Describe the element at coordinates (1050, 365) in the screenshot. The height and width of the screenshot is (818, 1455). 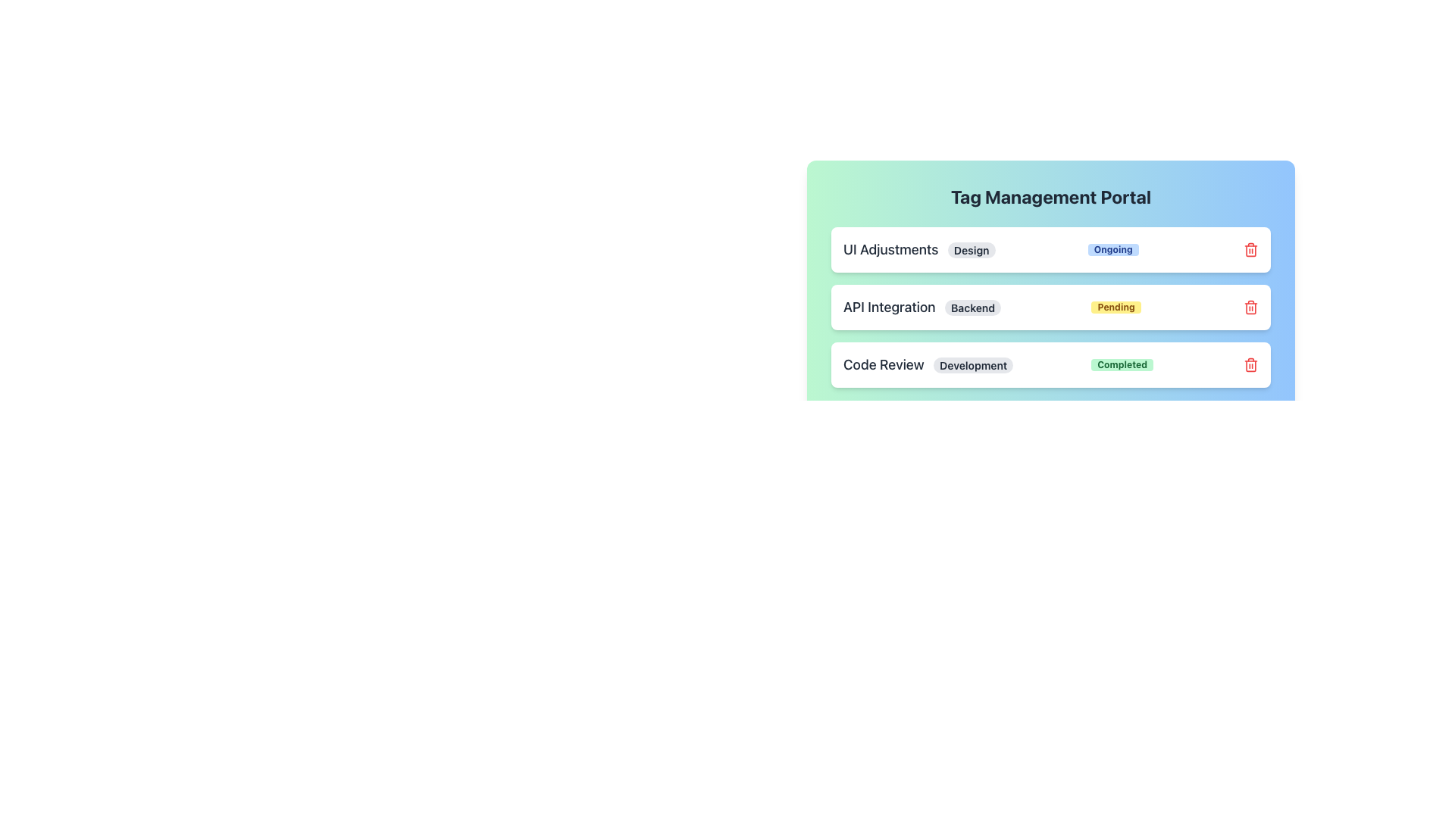
I see `the task card for 'Code Review' which is positioned third in a vertical stack of similar cards, located near the bottom of the column` at that location.